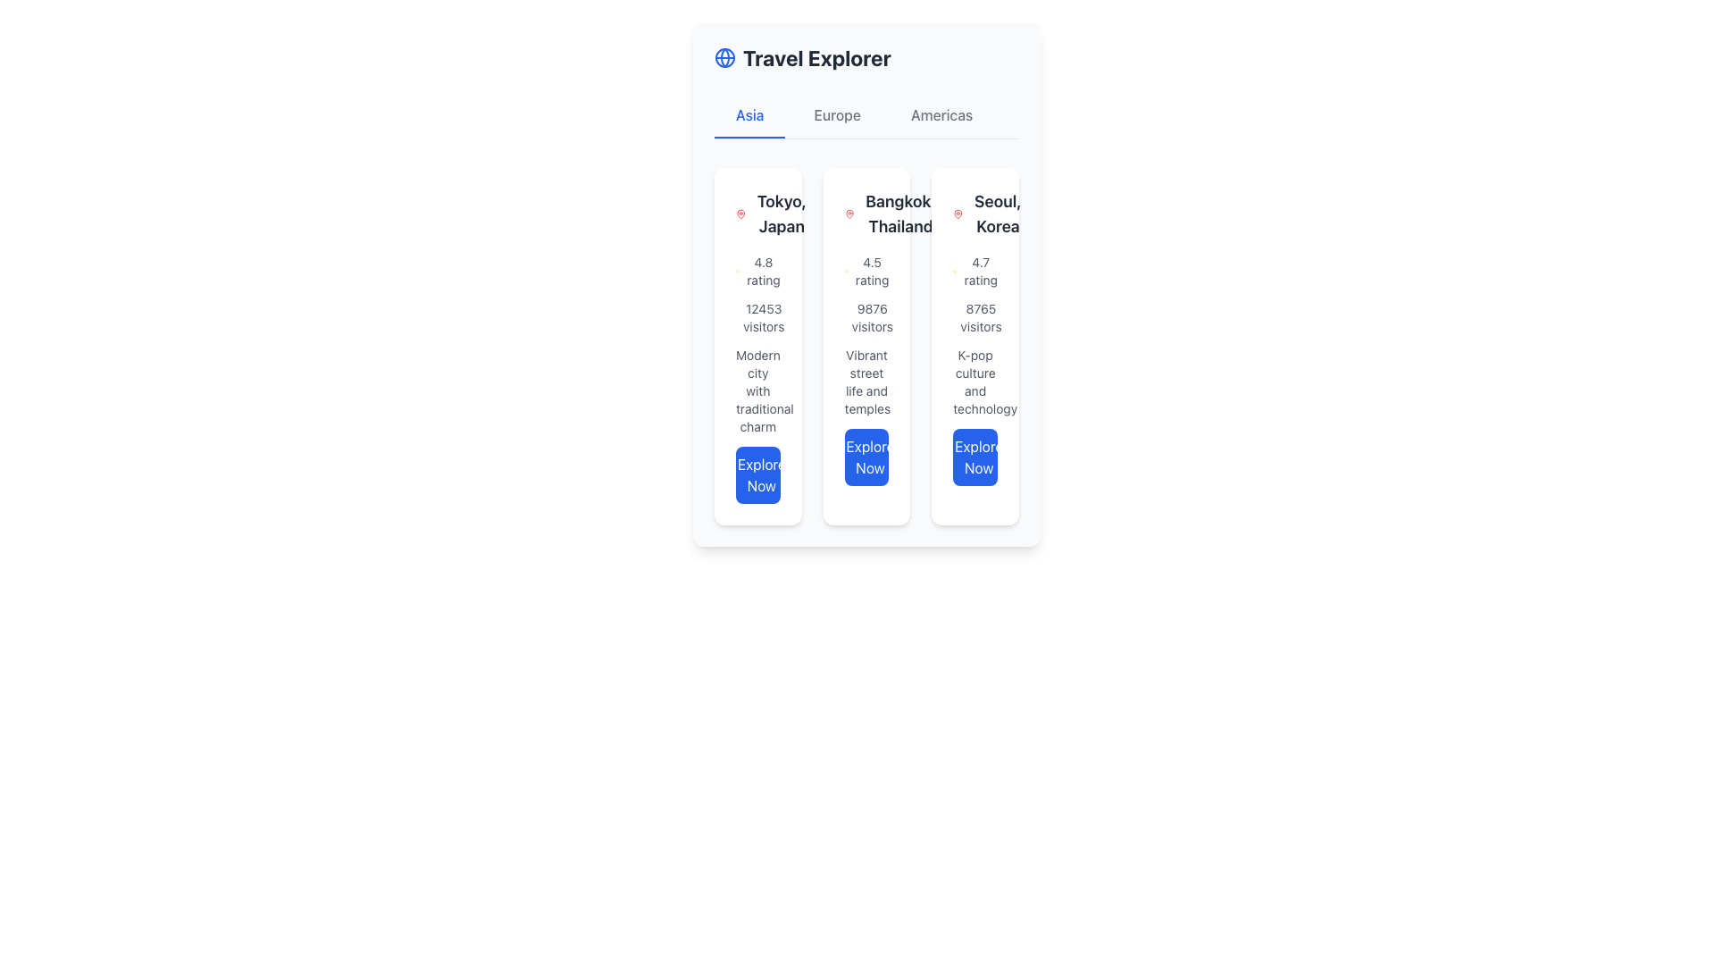 The image size is (1715, 965). I want to click on the button at the bottom of the content stack related to 'Seoul, Korea', so click(975, 457).